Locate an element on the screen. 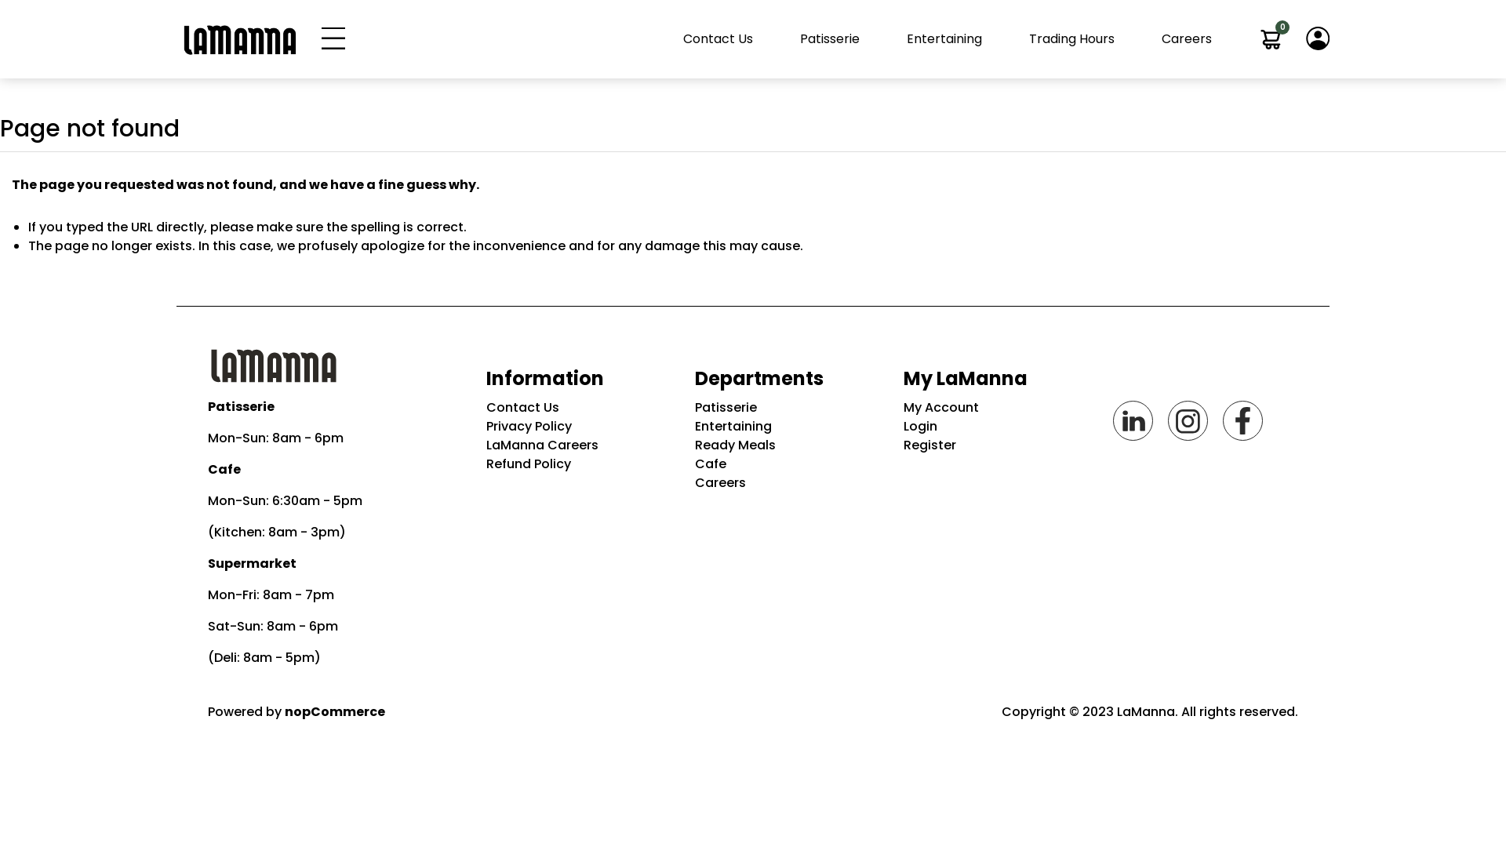 The width and height of the screenshot is (1506, 847). 'LaManna Careers' is located at coordinates (578, 445).